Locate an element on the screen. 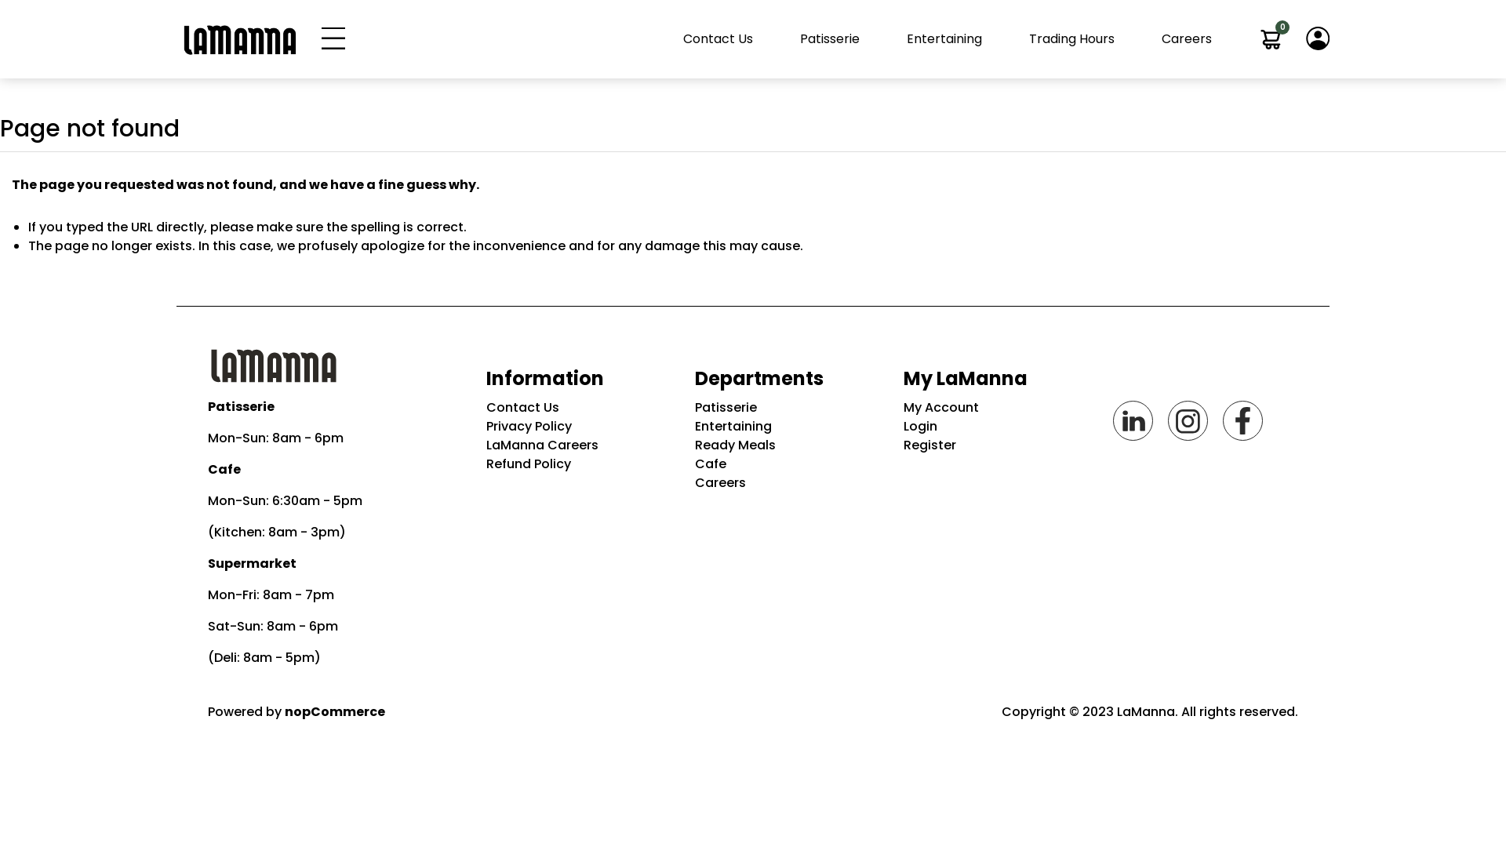 The width and height of the screenshot is (1506, 847). 'LaManna Careers' is located at coordinates (578, 445).